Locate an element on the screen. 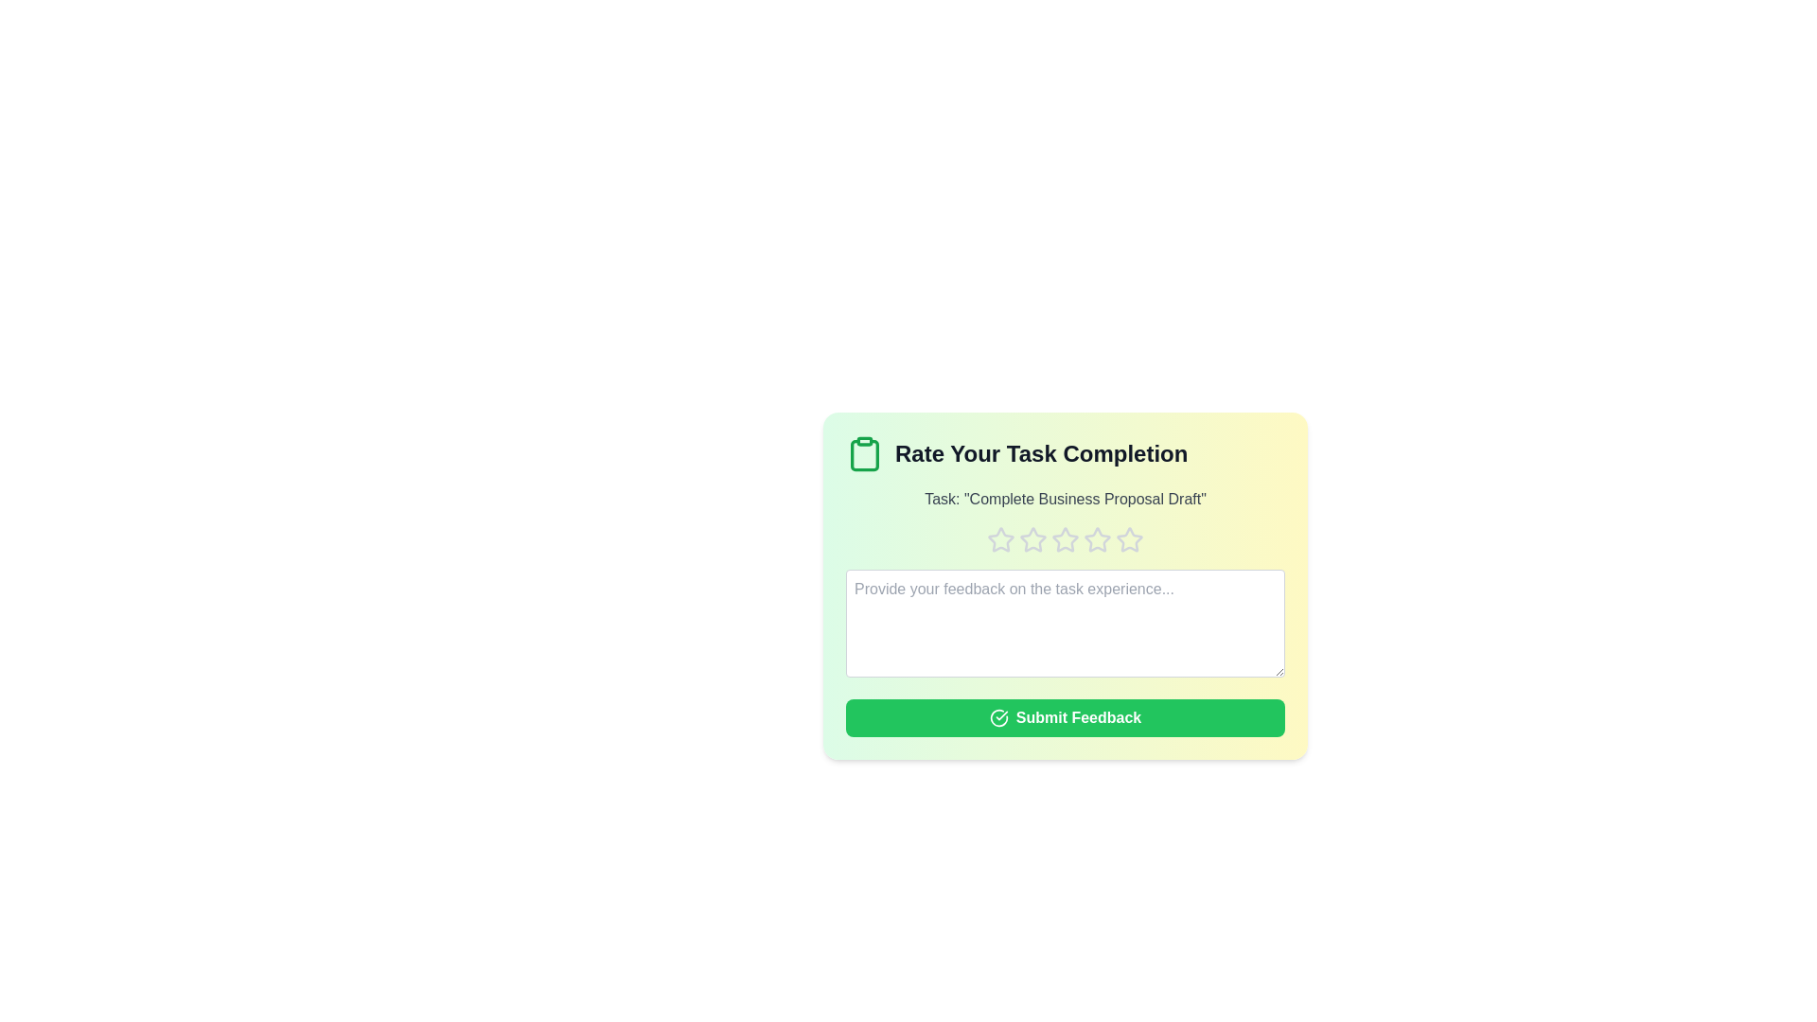 The width and height of the screenshot is (1817, 1022). the rating to 3 stars by clicking on the respective star is located at coordinates (1066, 539).